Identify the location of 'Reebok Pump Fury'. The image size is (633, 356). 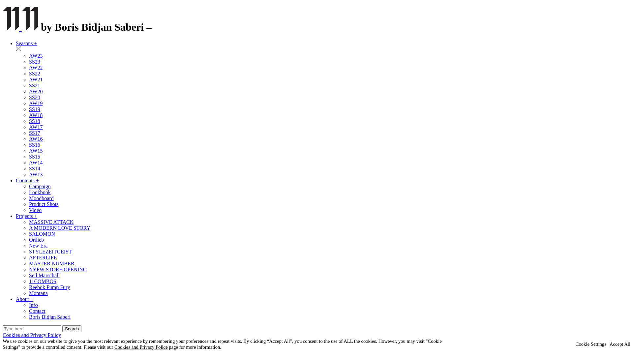
(49, 287).